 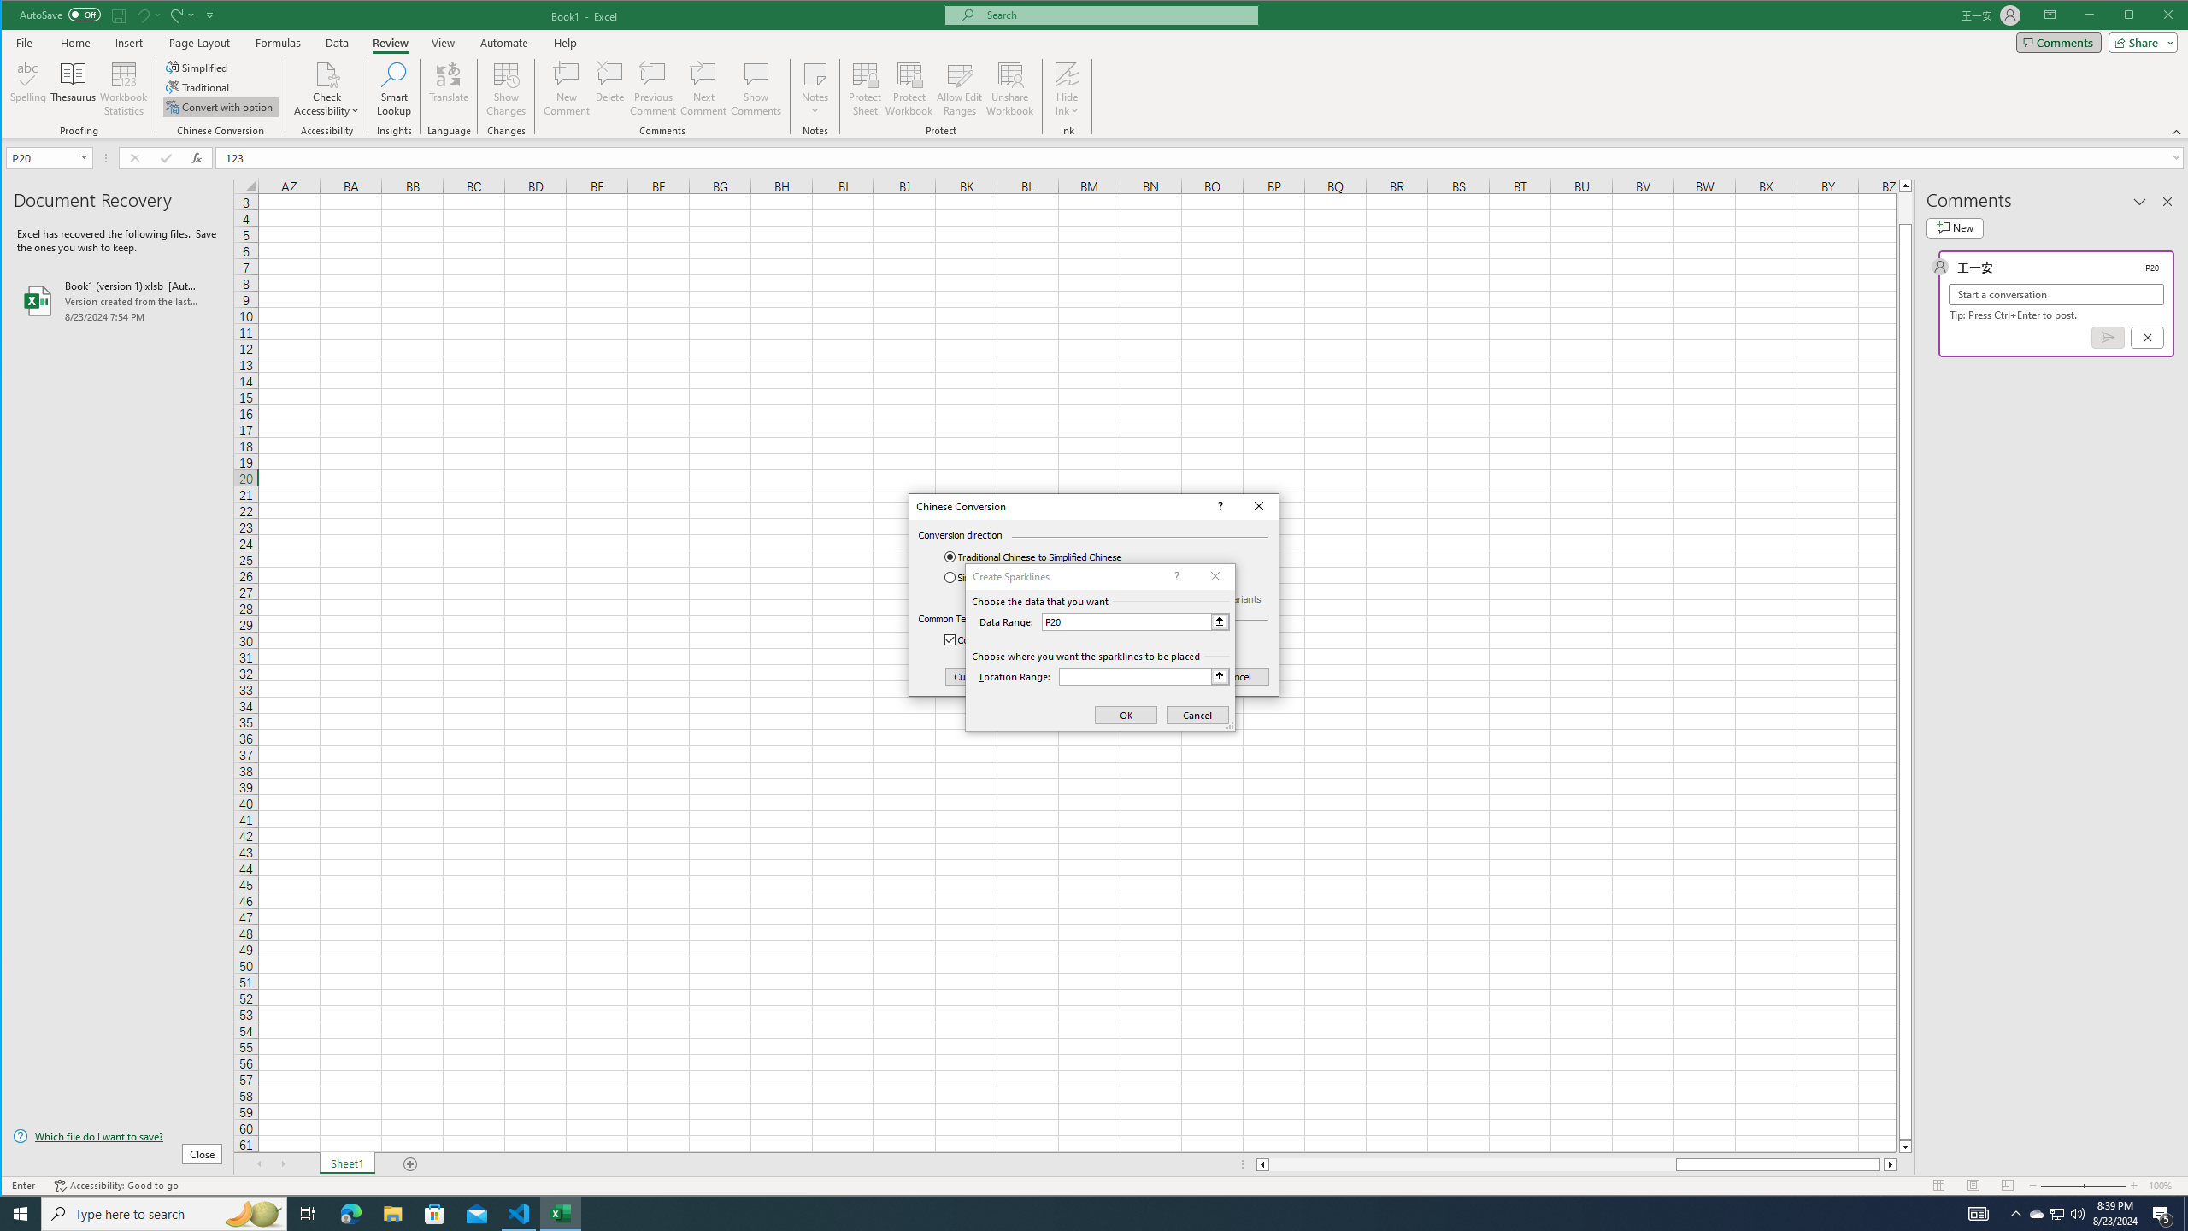 I want to click on 'Simplified Chinese to Traditional Chinese', so click(x=1045, y=577).